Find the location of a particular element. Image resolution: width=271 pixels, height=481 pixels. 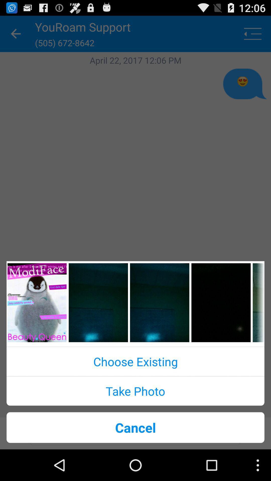

background is located at coordinates (98, 302).